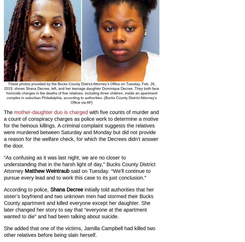 The image size is (245, 242). What do you see at coordinates (21, 150) in the screenshot?
I see `'Subscribe'` at bounding box center [21, 150].